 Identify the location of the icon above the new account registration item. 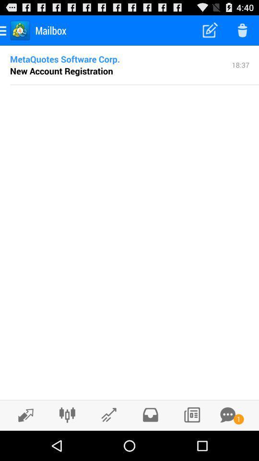
(65, 58).